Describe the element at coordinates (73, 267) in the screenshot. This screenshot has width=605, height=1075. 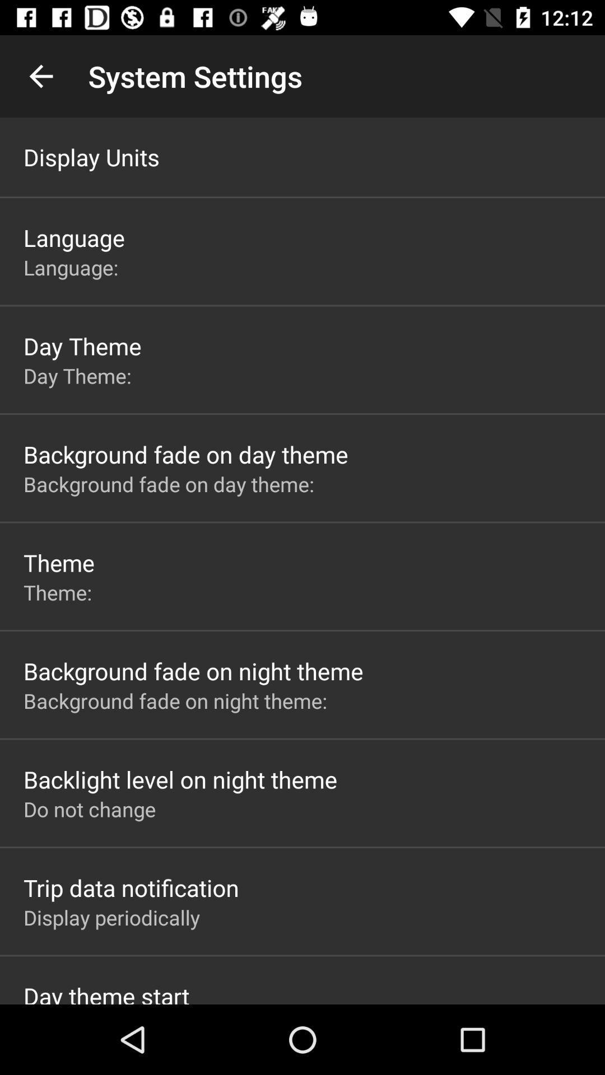
I see `language:  item` at that location.